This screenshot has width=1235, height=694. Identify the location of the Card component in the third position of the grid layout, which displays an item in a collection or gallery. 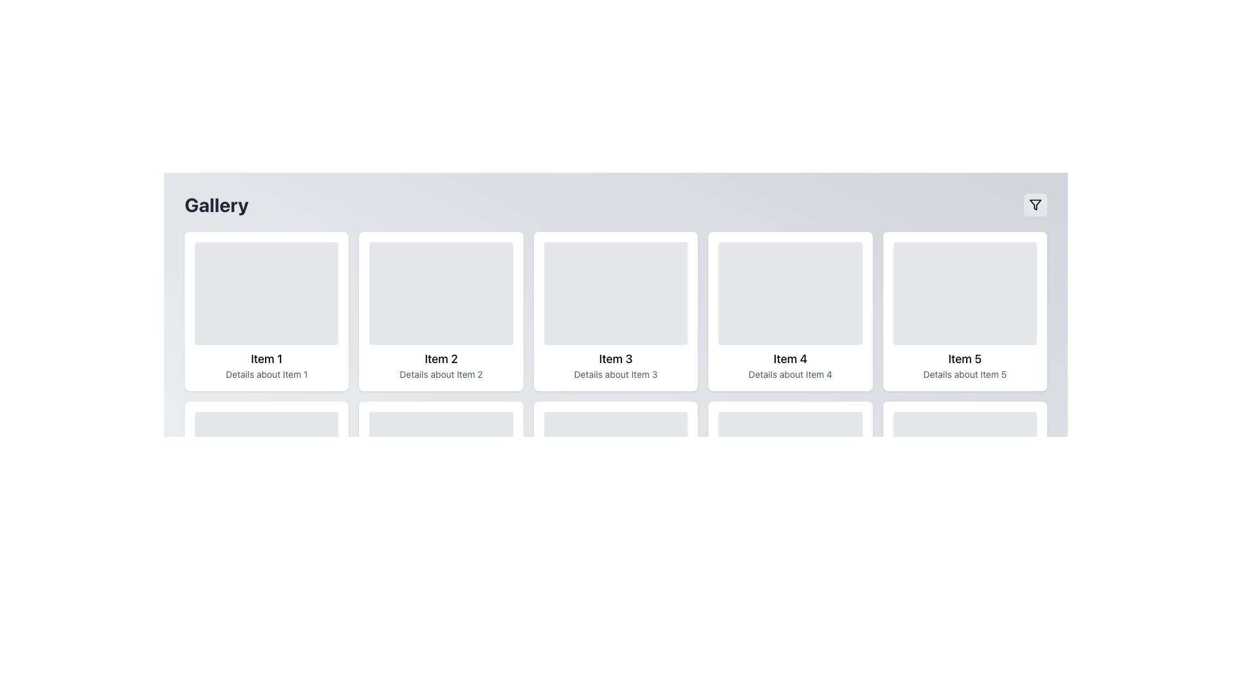
(615, 312).